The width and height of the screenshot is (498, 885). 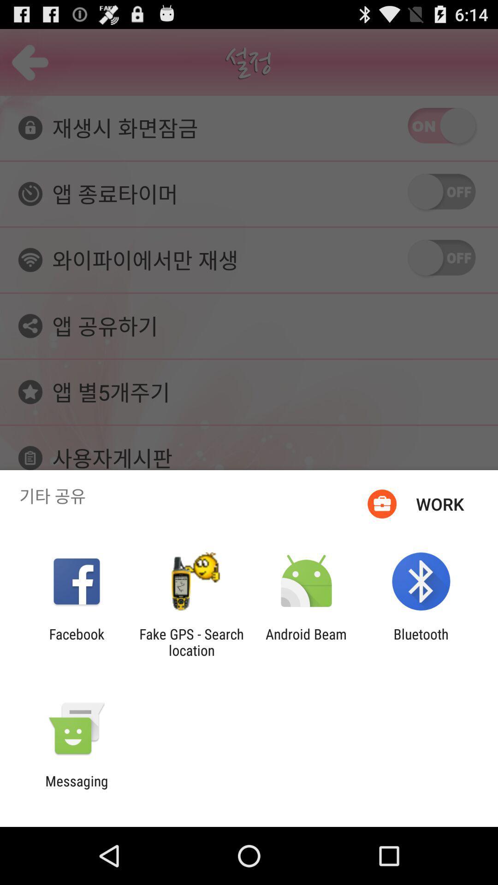 What do you see at coordinates (191, 642) in the screenshot?
I see `fake gps search item` at bounding box center [191, 642].